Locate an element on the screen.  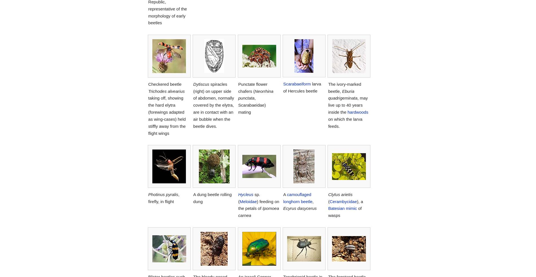
'Batesian mimic' is located at coordinates (342, 208).